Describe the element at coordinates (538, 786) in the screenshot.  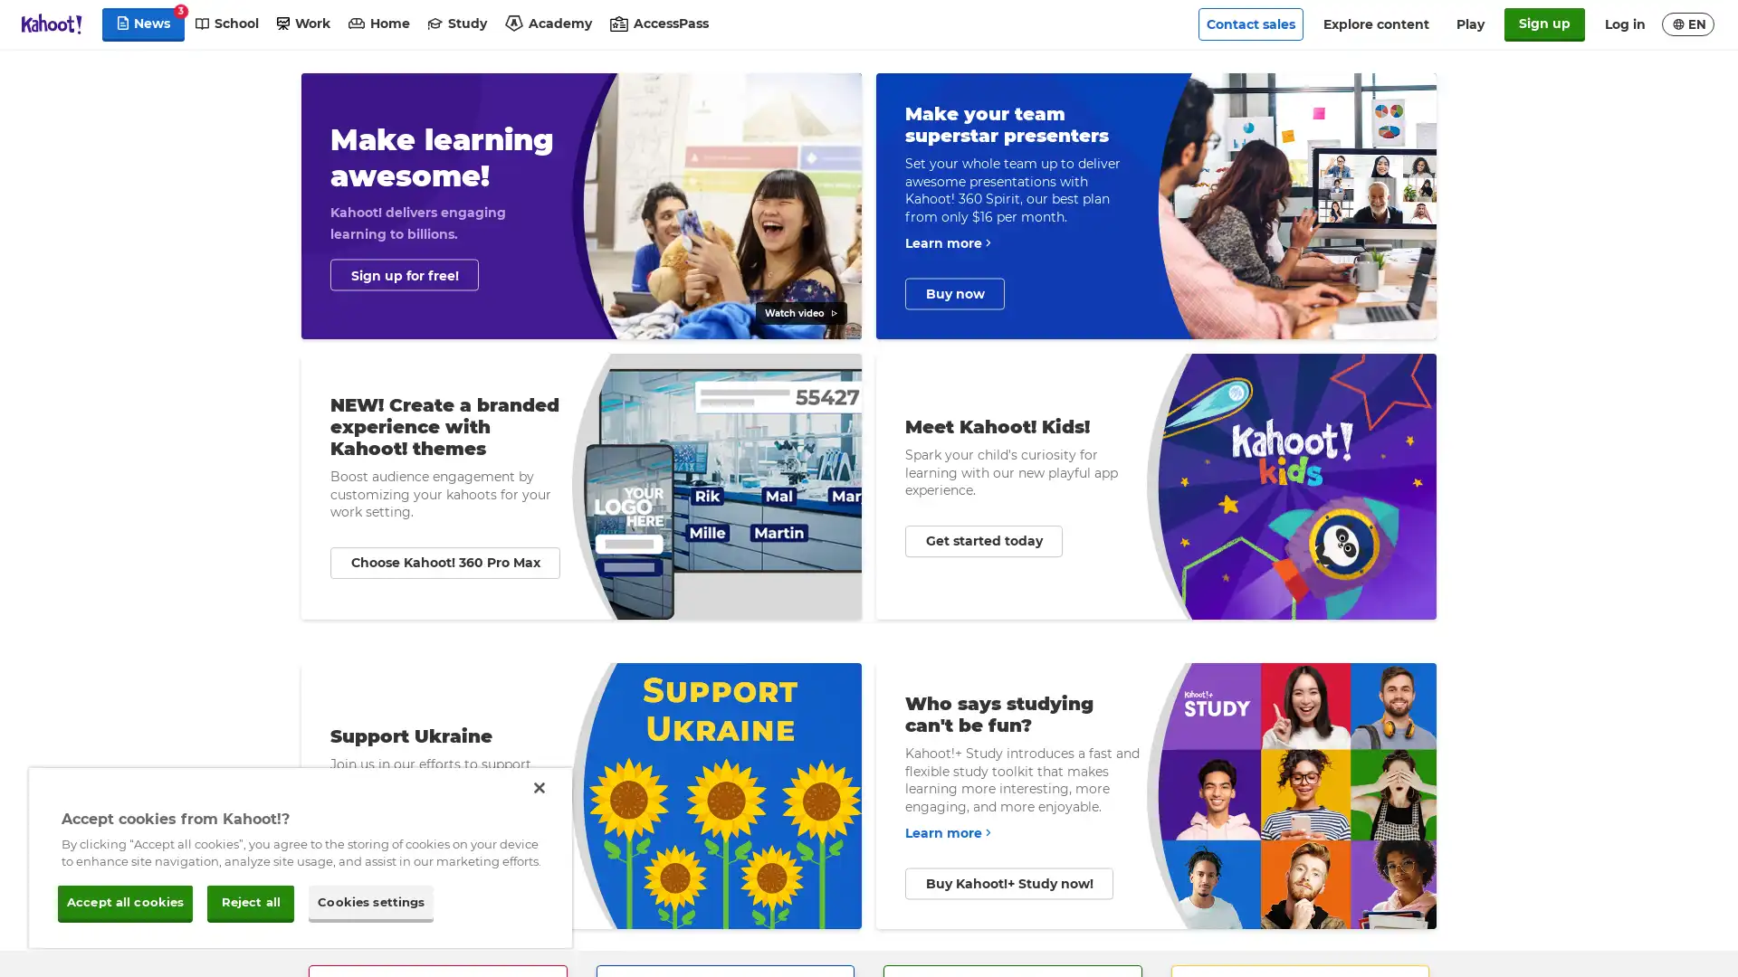
I see `Close` at that location.